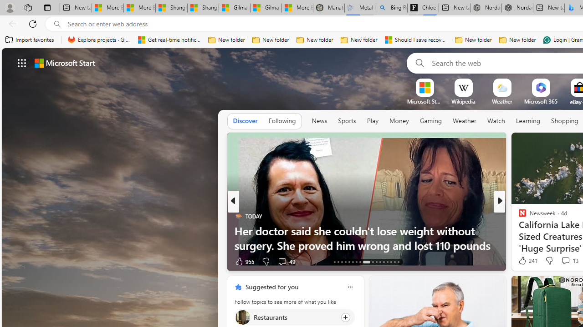 The image size is (583, 327). Describe the element at coordinates (548, 261) in the screenshot. I see `'Dislike'` at that location.